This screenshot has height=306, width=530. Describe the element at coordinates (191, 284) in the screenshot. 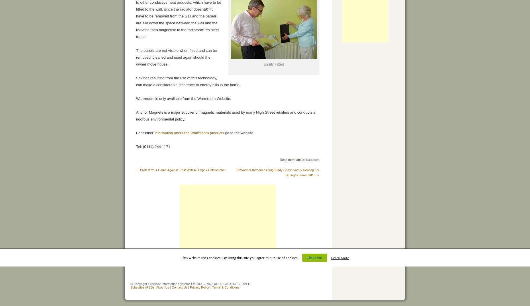

I see `'© Copyright Excelsior Information Systems Ltd 2005 - 2023 ALL RIGHTS RESERVED.'` at that location.